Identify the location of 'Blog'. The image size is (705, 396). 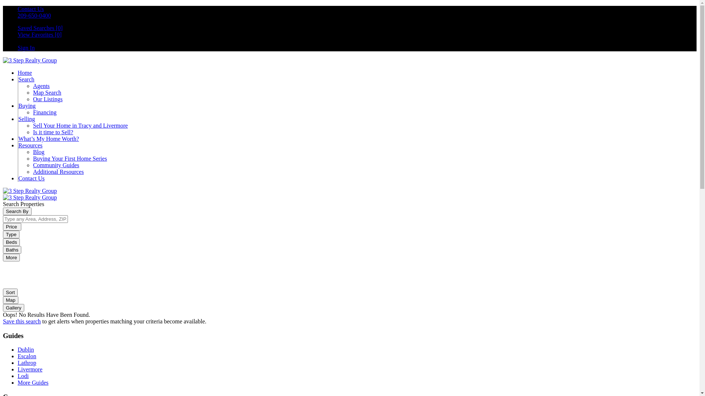
(38, 151).